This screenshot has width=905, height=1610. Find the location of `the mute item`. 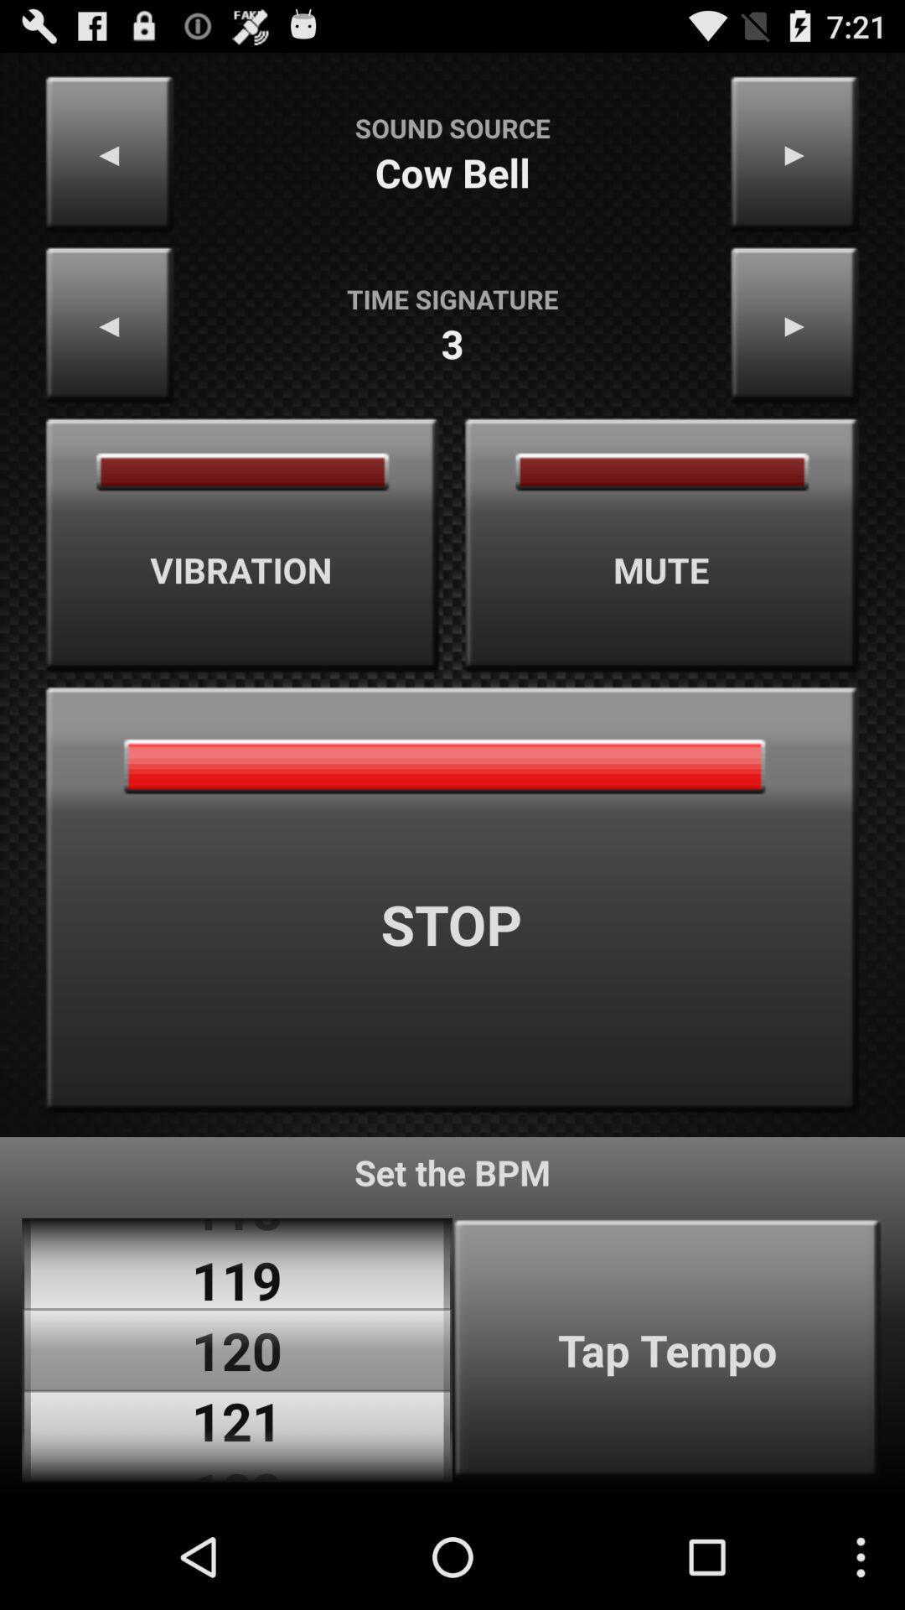

the mute item is located at coordinates (661, 545).